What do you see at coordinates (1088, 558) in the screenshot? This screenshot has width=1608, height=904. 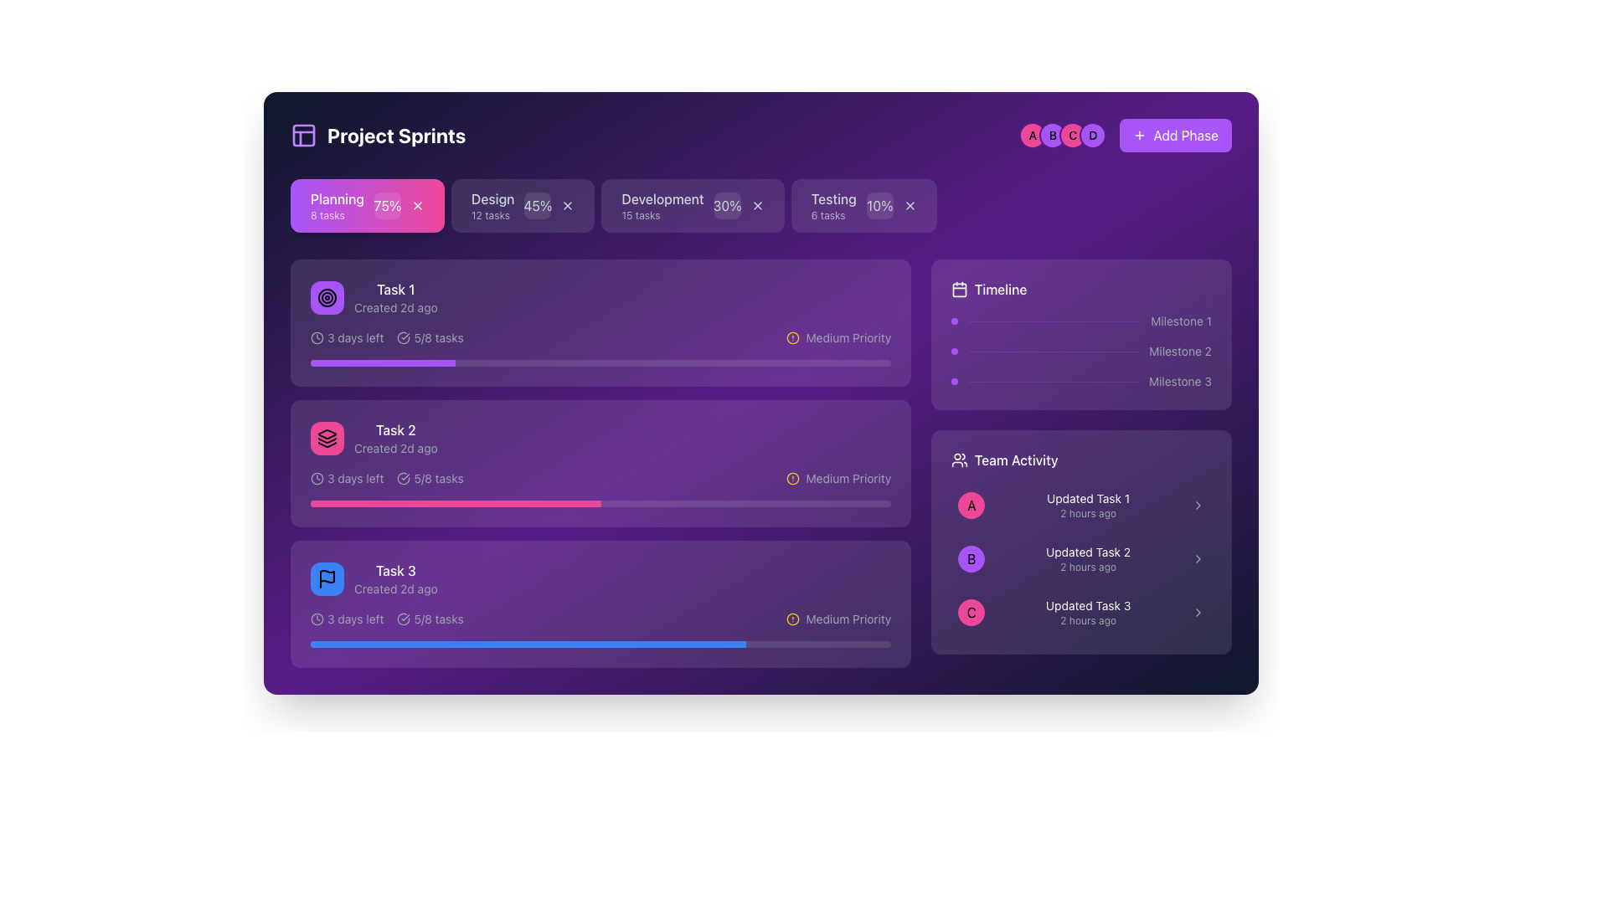 I see `the Label displaying 'Updated Task 2' with the supporting text '2 hours ago' within the 'Team Activity' section, located to the right of the main task board` at bounding box center [1088, 558].